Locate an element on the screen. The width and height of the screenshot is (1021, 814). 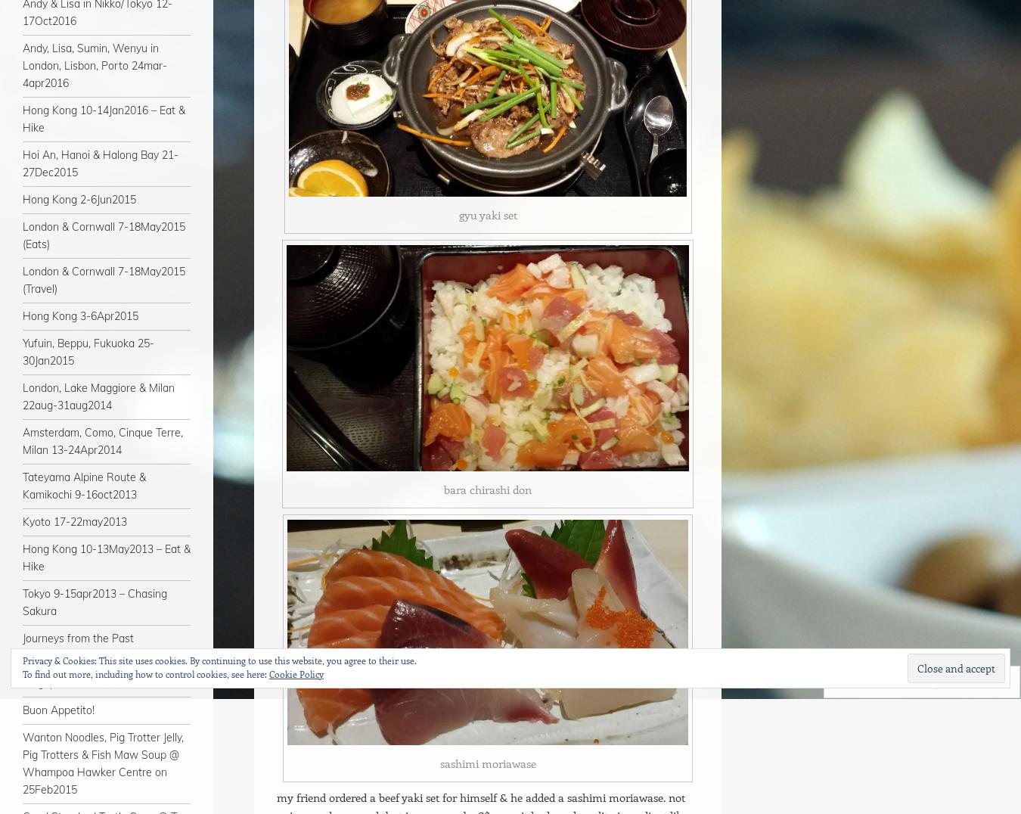
'Buon Appetito!' is located at coordinates (57, 710).